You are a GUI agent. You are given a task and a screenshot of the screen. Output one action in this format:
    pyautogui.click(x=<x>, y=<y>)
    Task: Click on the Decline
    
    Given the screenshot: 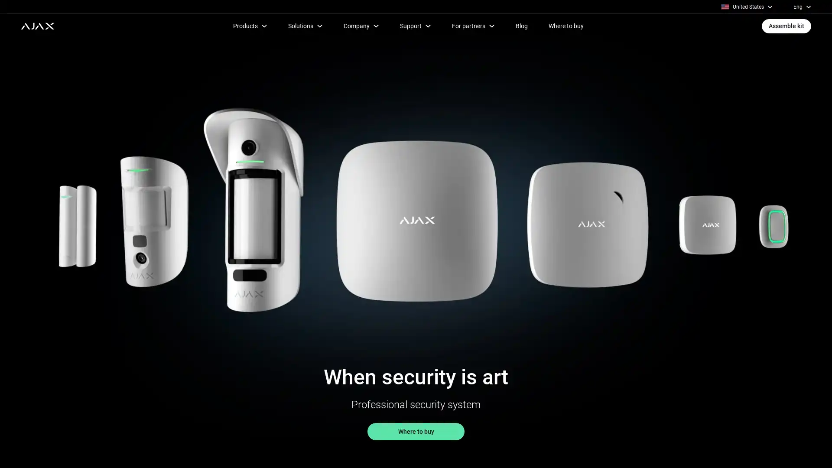 What is the action you would take?
    pyautogui.click(x=590, y=446)
    